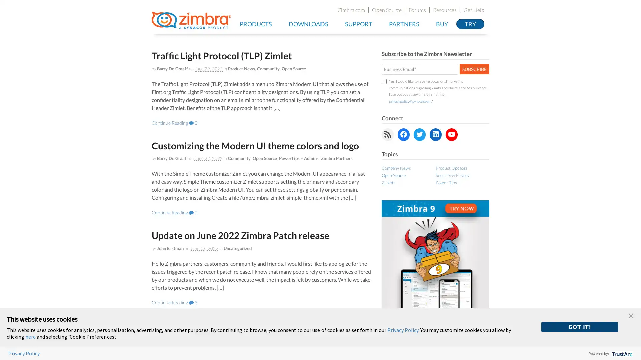  What do you see at coordinates (479, 69) in the screenshot?
I see `SUBSCRIBE` at bounding box center [479, 69].